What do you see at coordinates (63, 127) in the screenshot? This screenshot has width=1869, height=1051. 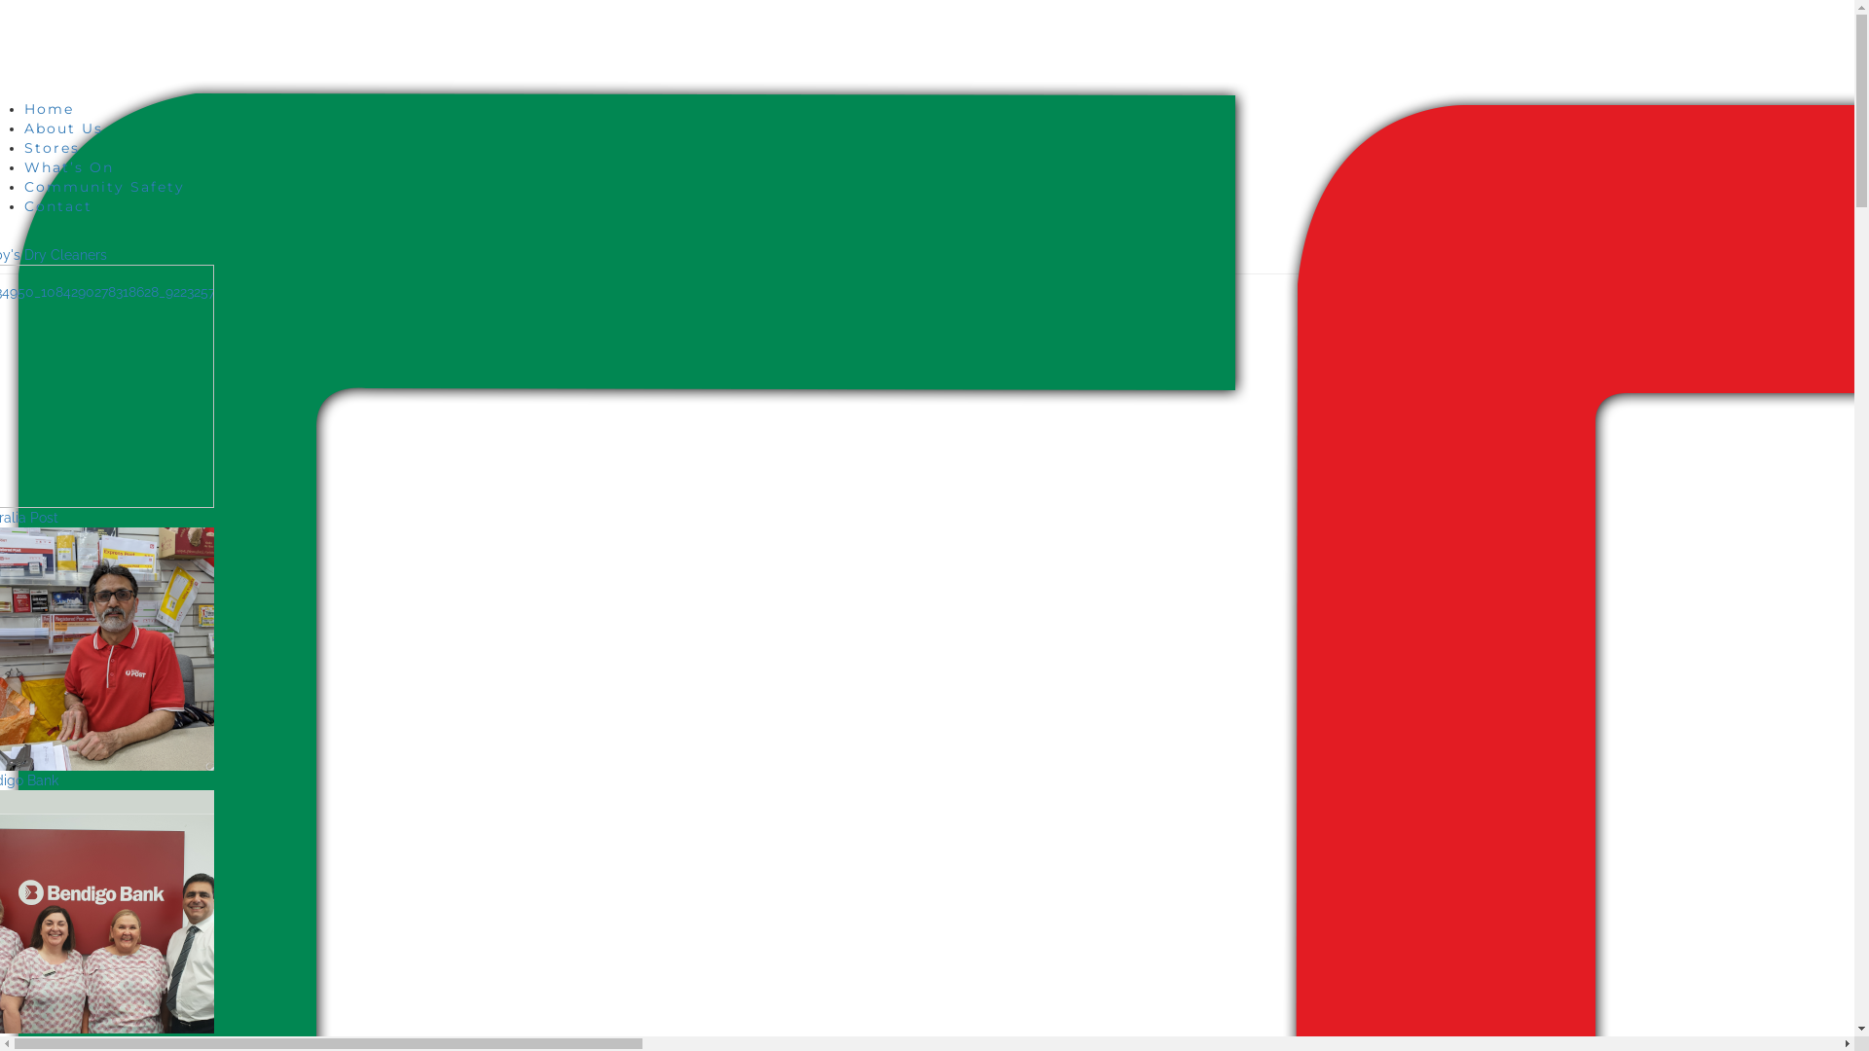 I see `'About Us'` at bounding box center [63, 127].